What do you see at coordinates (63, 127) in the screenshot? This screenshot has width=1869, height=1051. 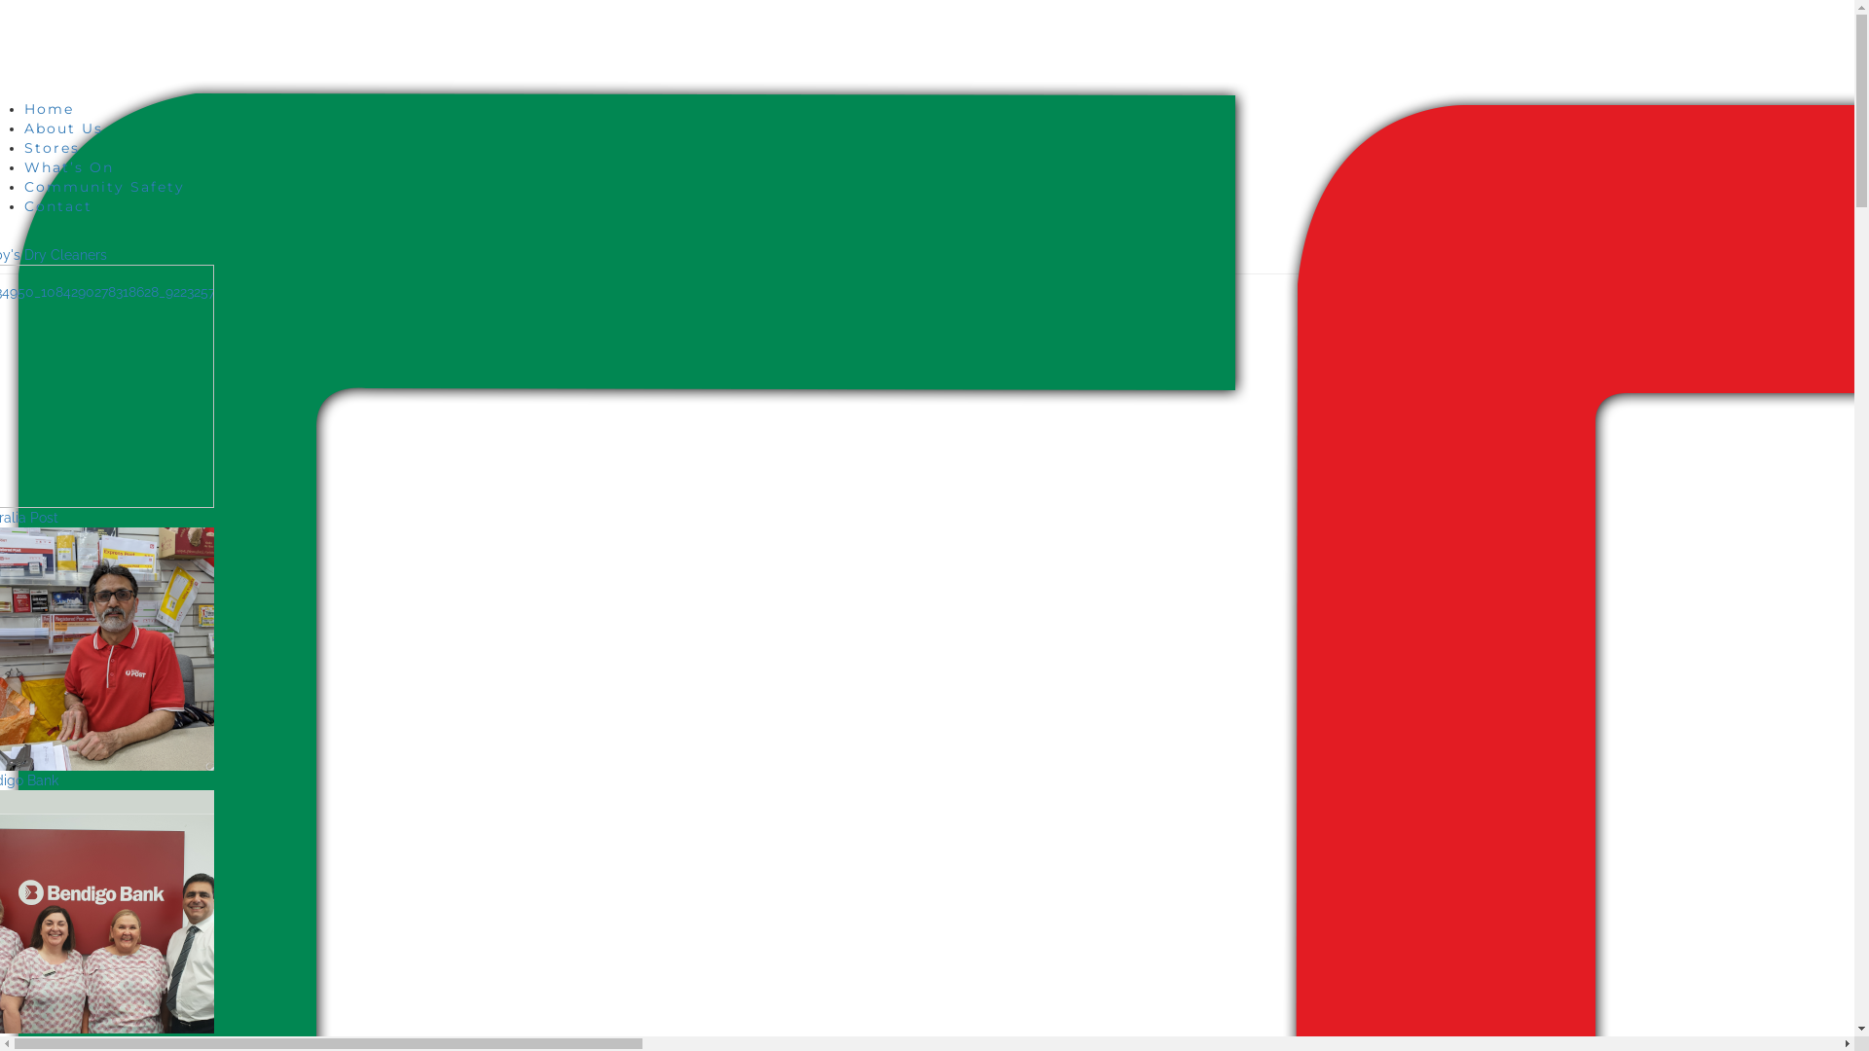 I see `'About Us'` at bounding box center [63, 127].